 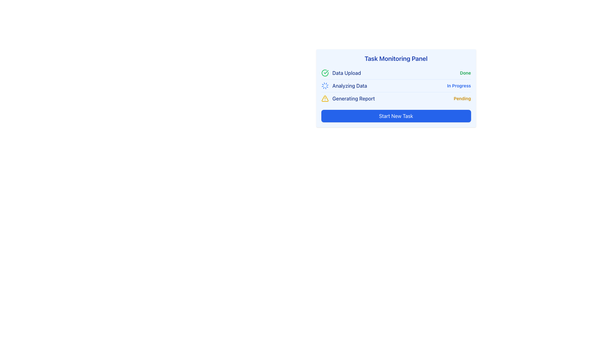 I want to click on the green text label reading 'Done', which is positioned to the far right of the task monitoring panel, aligned horizontally with the 'Data Upload' task, so click(x=465, y=73).